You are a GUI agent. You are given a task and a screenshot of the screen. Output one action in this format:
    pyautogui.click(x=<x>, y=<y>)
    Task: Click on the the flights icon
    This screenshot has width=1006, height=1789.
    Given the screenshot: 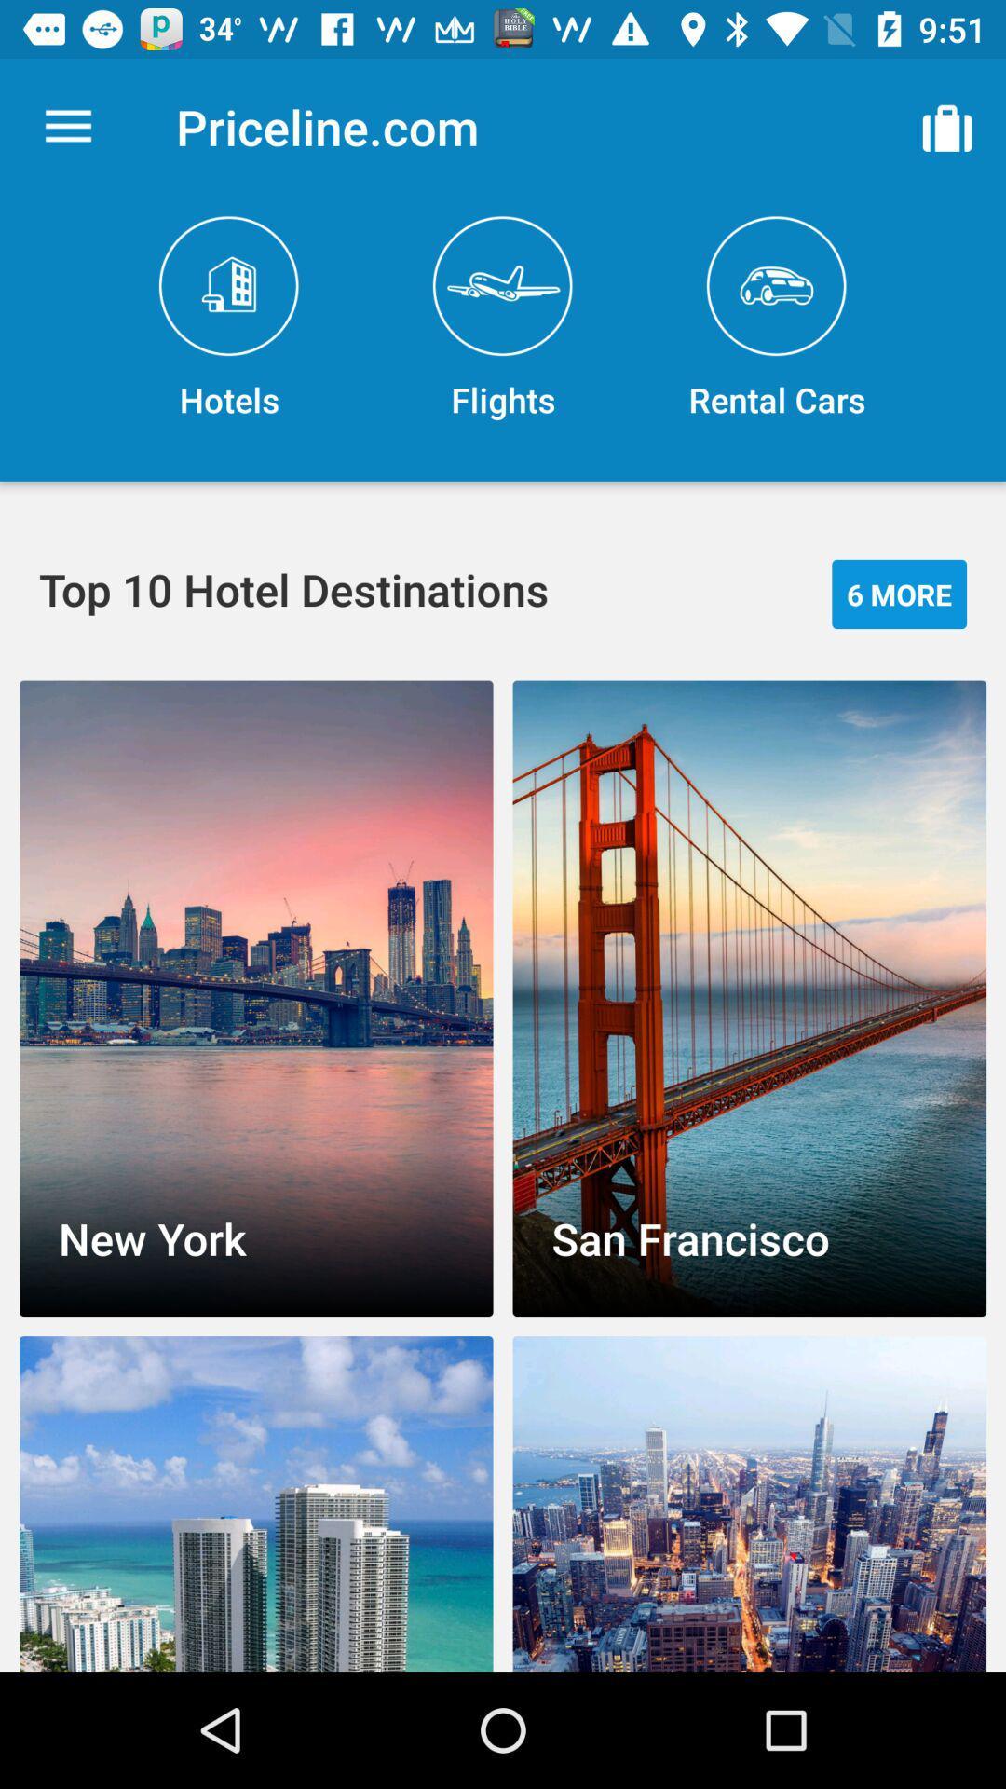 What is the action you would take?
    pyautogui.click(x=503, y=319)
    